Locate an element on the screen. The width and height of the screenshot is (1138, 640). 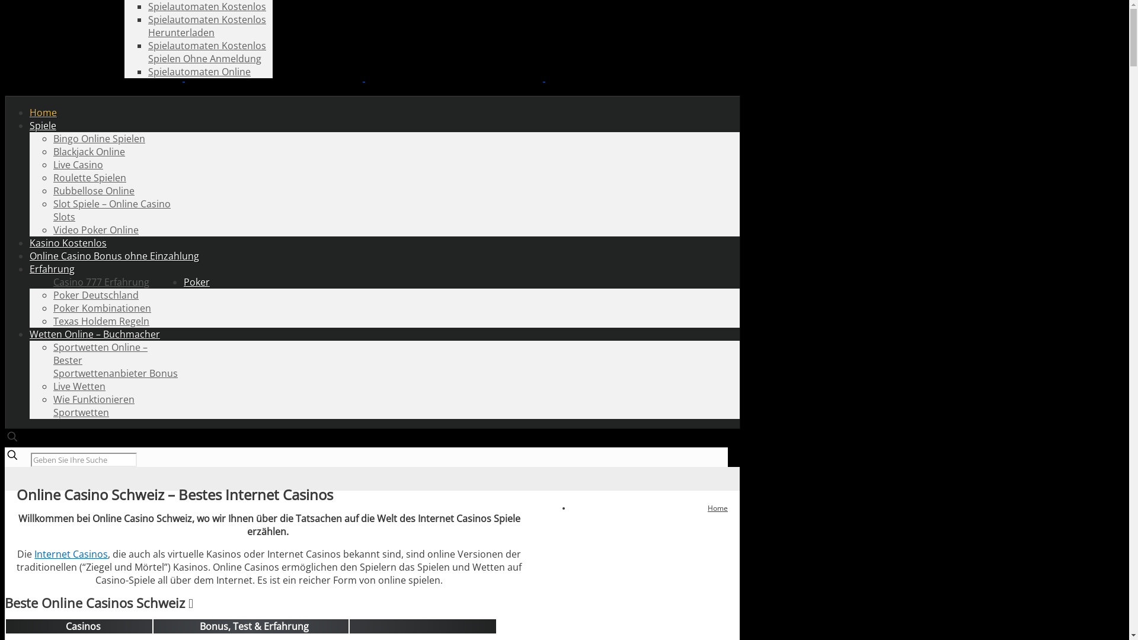
'Texas Holdem Regeln' is located at coordinates (101, 321).